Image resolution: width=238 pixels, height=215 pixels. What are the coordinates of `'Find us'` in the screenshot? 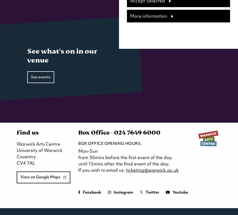 It's located at (28, 132).